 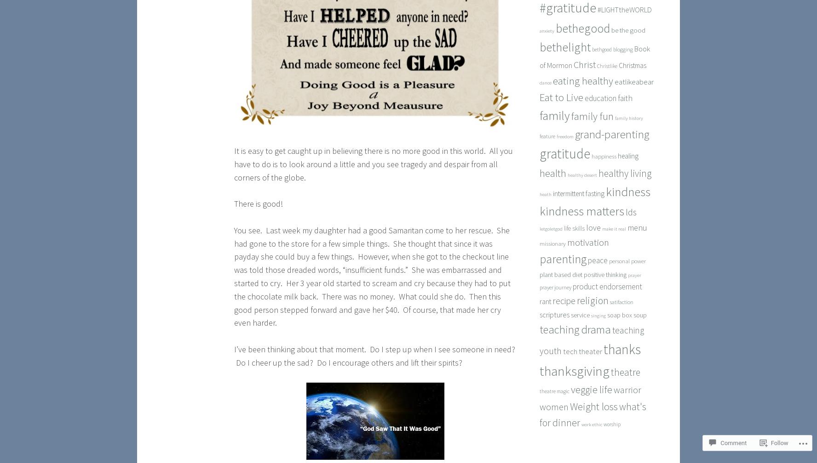 What do you see at coordinates (580, 315) in the screenshot?
I see `'service'` at bounding box center [580, 315].